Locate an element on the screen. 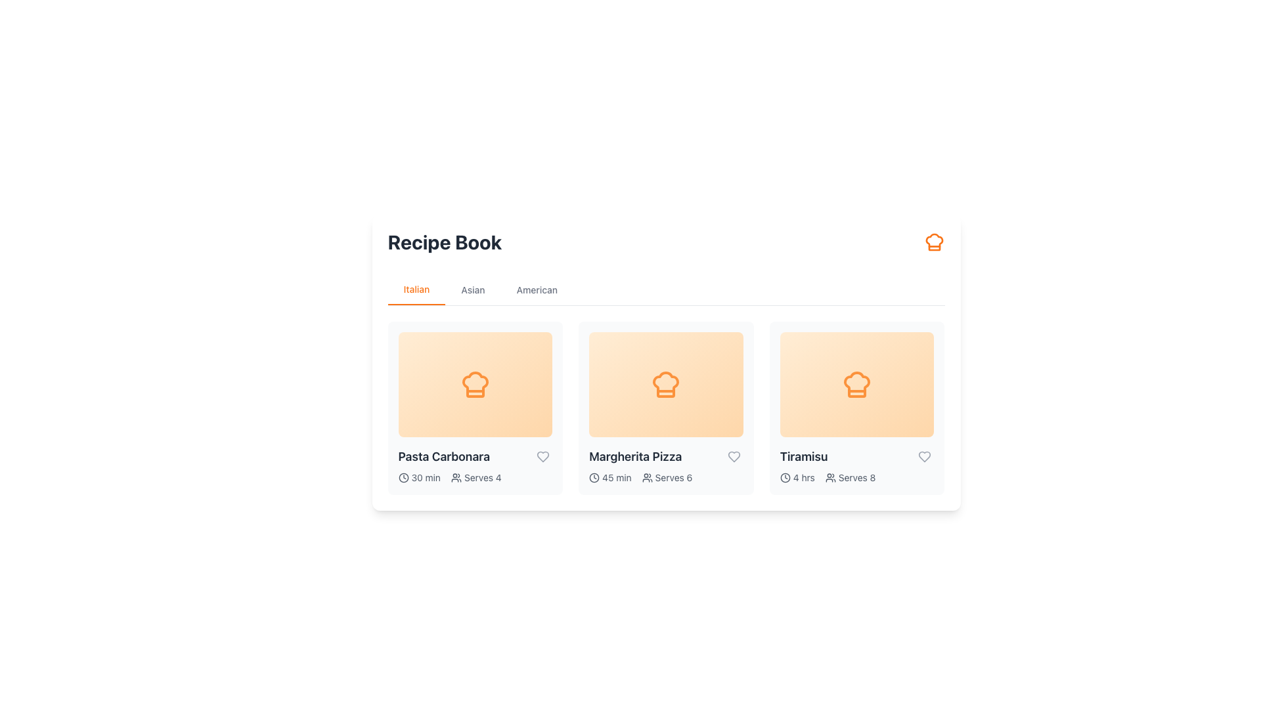 Image resolution: width=1261 pixels, height=709 pixels. the clock icon in the details section of the 'Tiramisu' recipe card that symbolizes the duration for the recipe, which is represented visually and is located next to the text '4 hrs' is located at coordinates (785, 478).